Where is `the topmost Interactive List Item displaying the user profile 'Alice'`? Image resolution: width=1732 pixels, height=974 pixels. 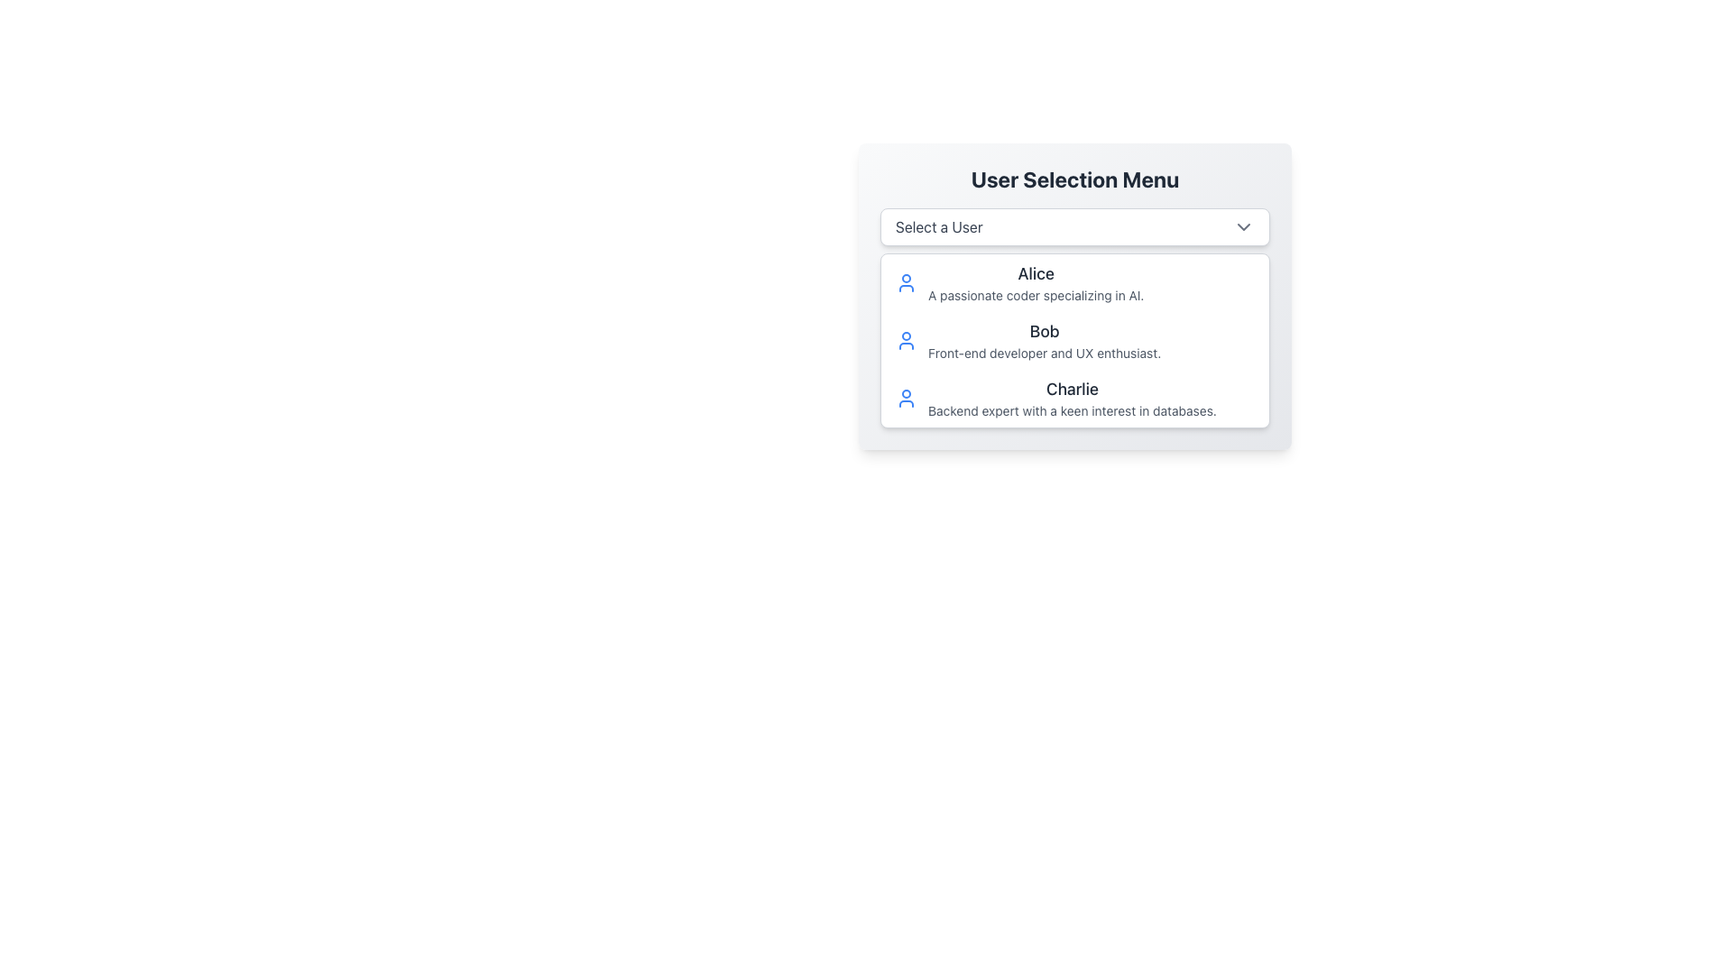
the topmost Interactive List Item displaying the user profile 'Alice' is located at coordinates (1074, 282).